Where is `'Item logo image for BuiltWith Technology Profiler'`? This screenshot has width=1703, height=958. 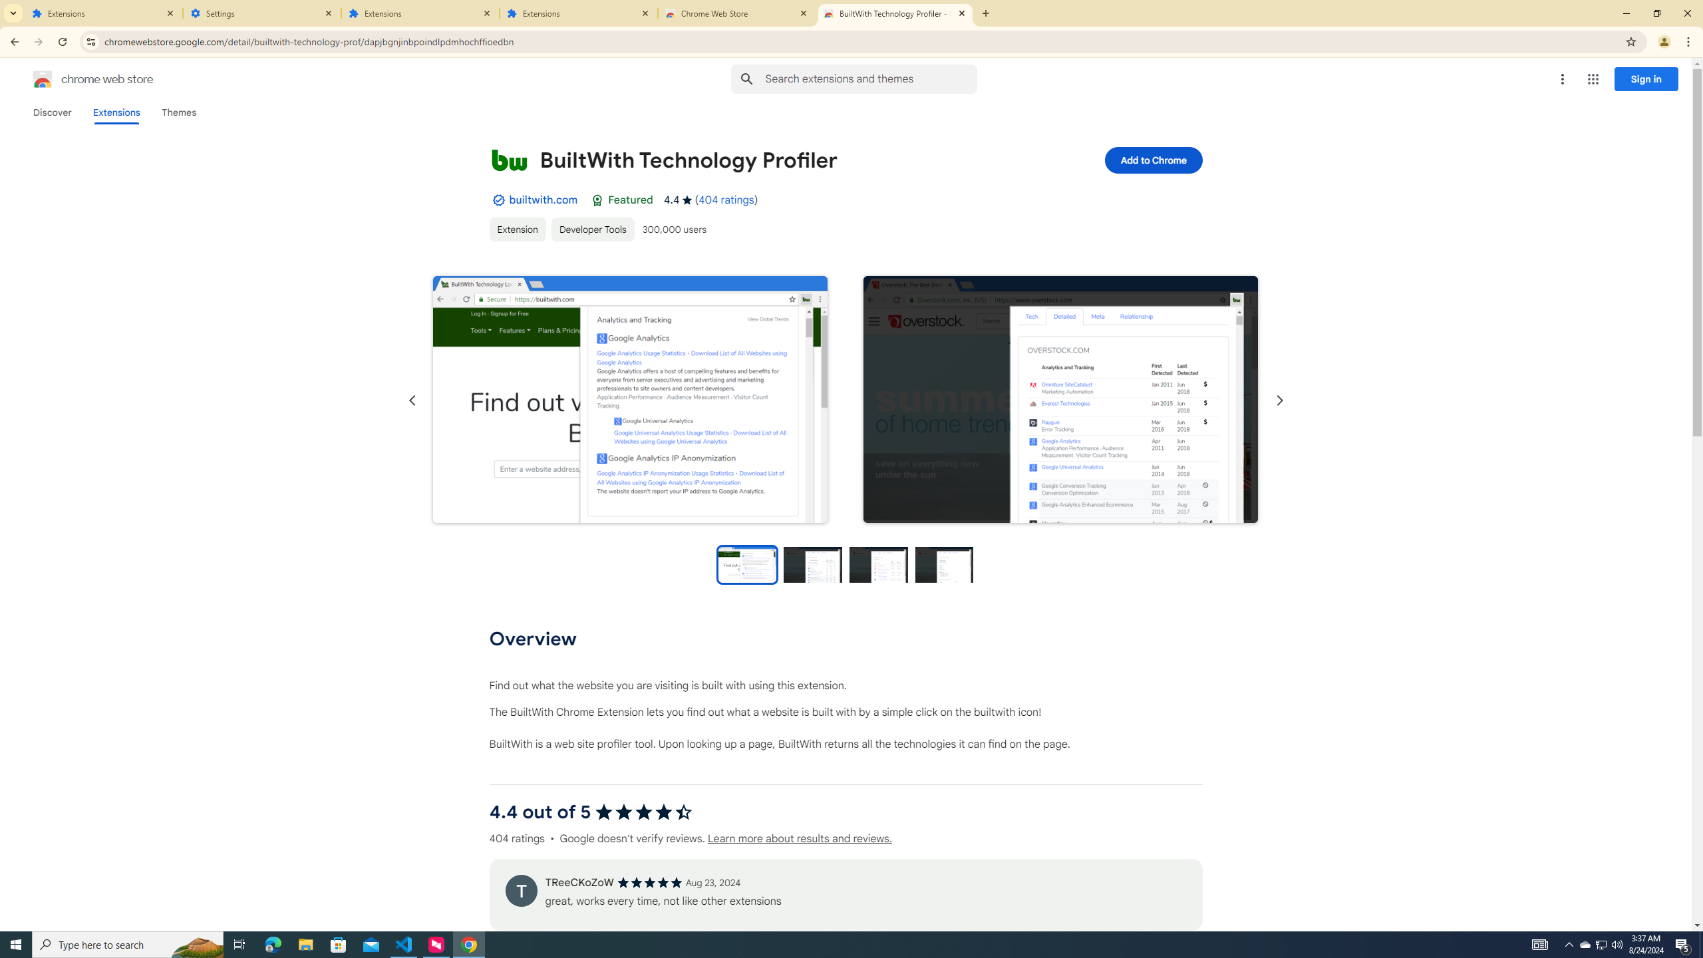 'Item logo image for BuiltWith Technology Profiler' is located at coordinates (509, 160).